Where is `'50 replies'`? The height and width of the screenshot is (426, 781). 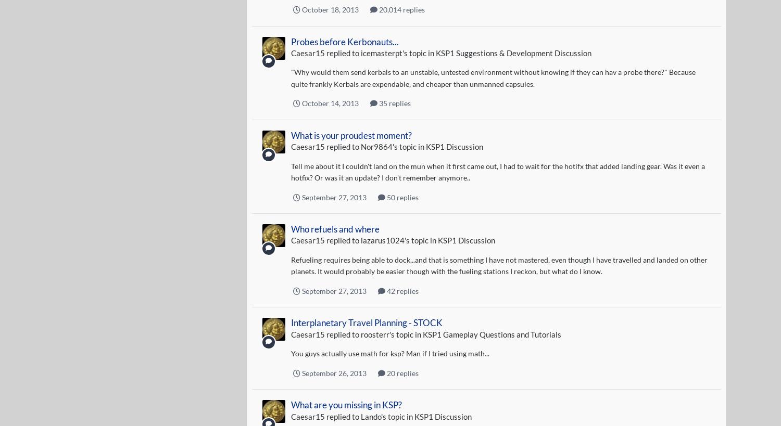
'50 replies' is located at coordinates (384, 196).